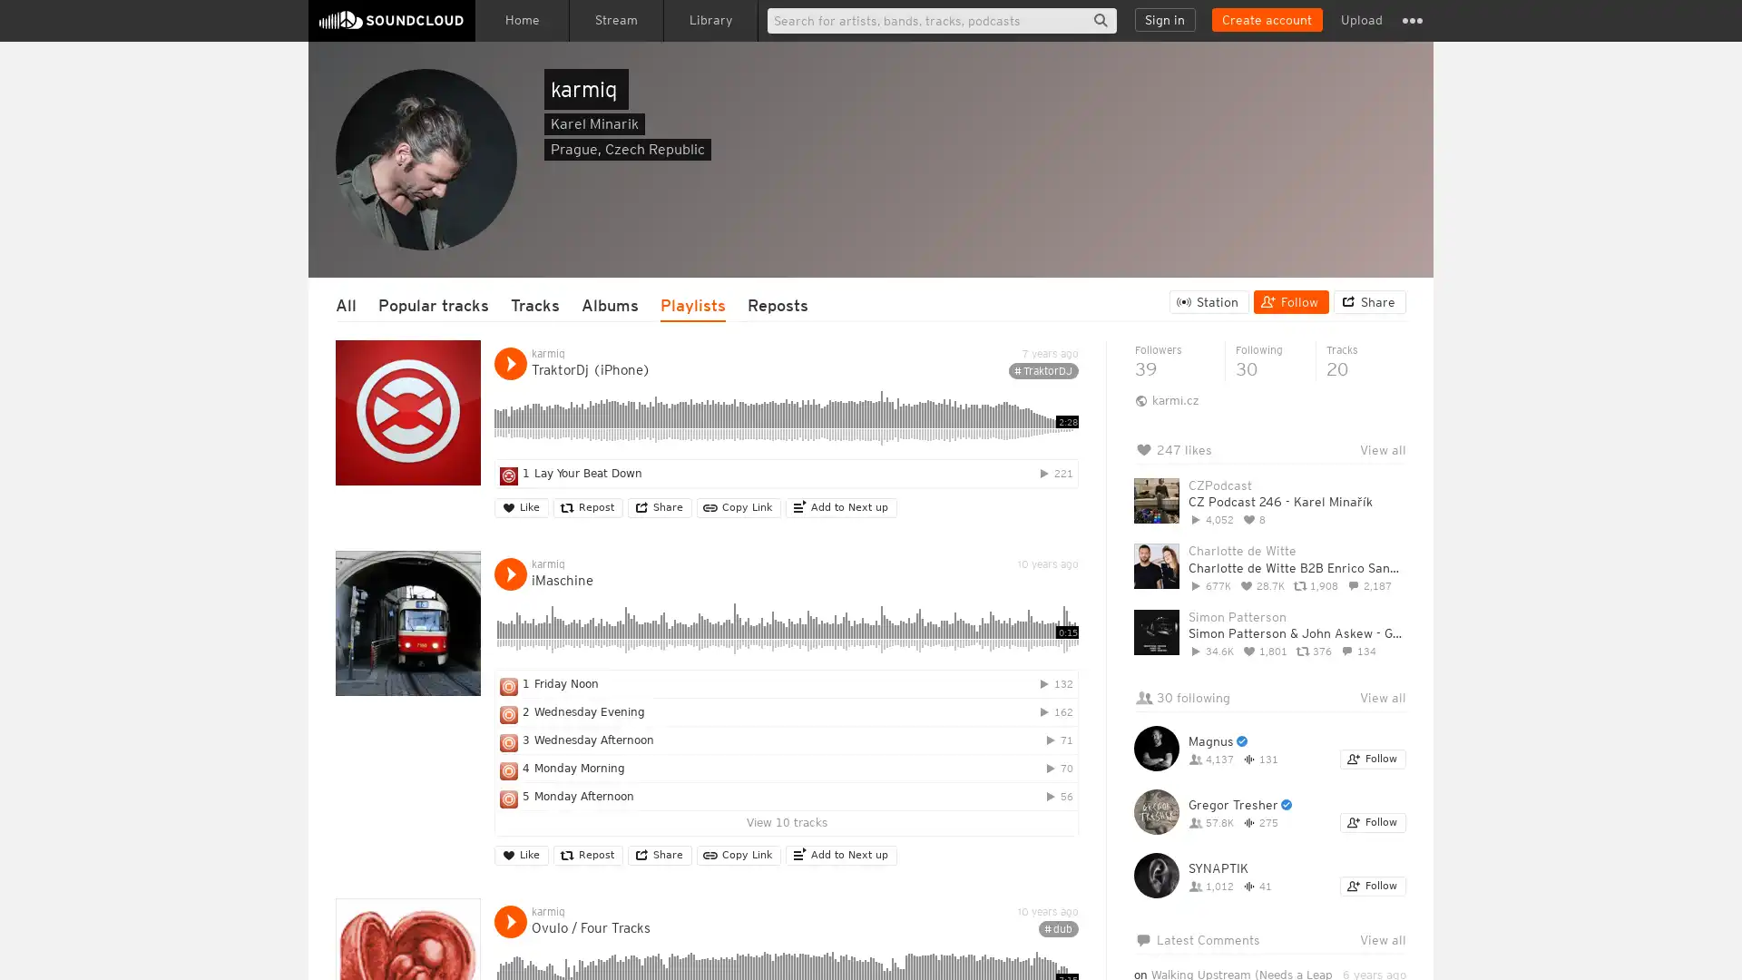 The image size is (1742, 980). I want to click on Follow, so click(1373, 759).